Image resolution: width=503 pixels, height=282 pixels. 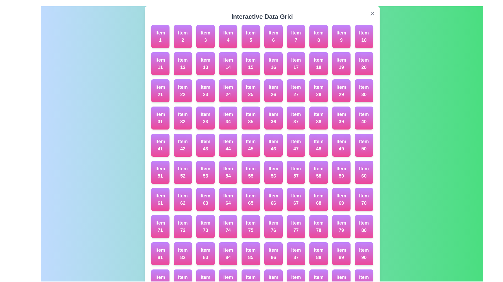 I want to click on the close button labeled with an 'X' at the top right corner of the dialog, so click(x=372, y=13).